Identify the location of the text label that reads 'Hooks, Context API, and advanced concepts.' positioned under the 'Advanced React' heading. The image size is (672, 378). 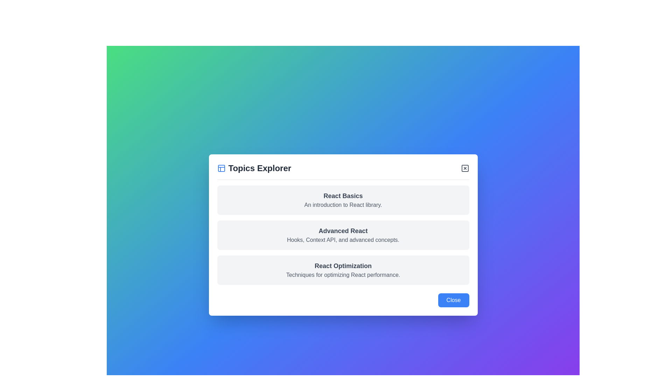
(343, 239).